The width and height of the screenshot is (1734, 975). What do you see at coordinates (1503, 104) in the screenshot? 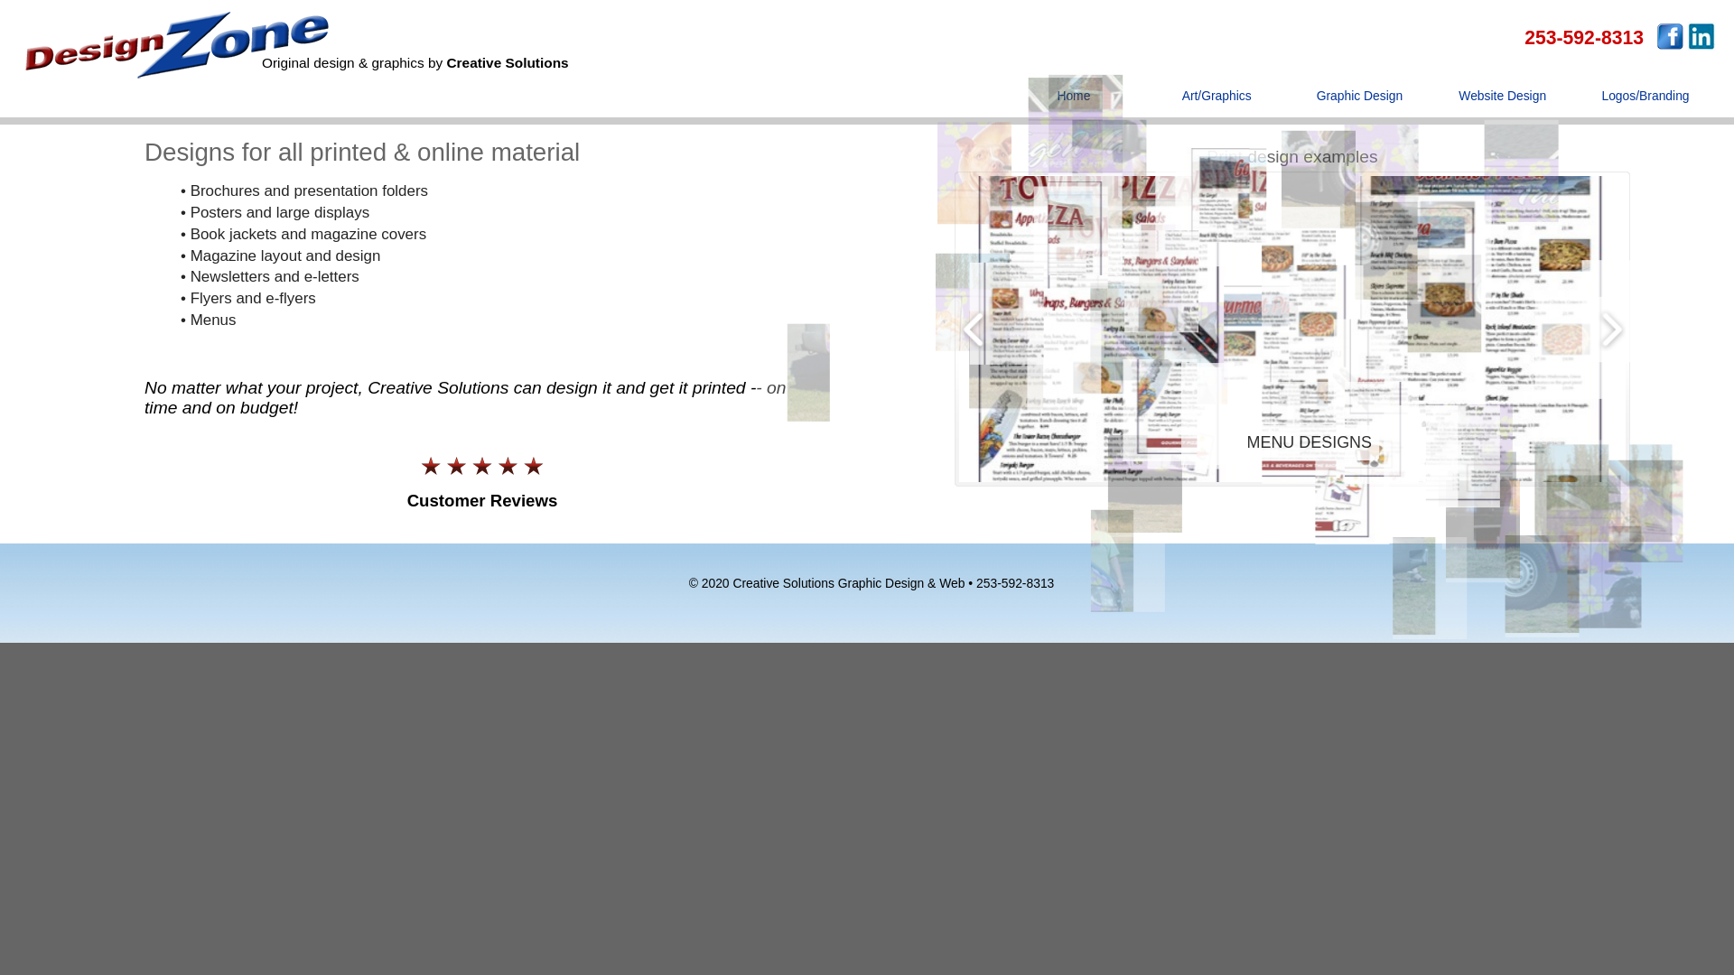
I see `'Website Design'` at bounding box center [1503, 104].